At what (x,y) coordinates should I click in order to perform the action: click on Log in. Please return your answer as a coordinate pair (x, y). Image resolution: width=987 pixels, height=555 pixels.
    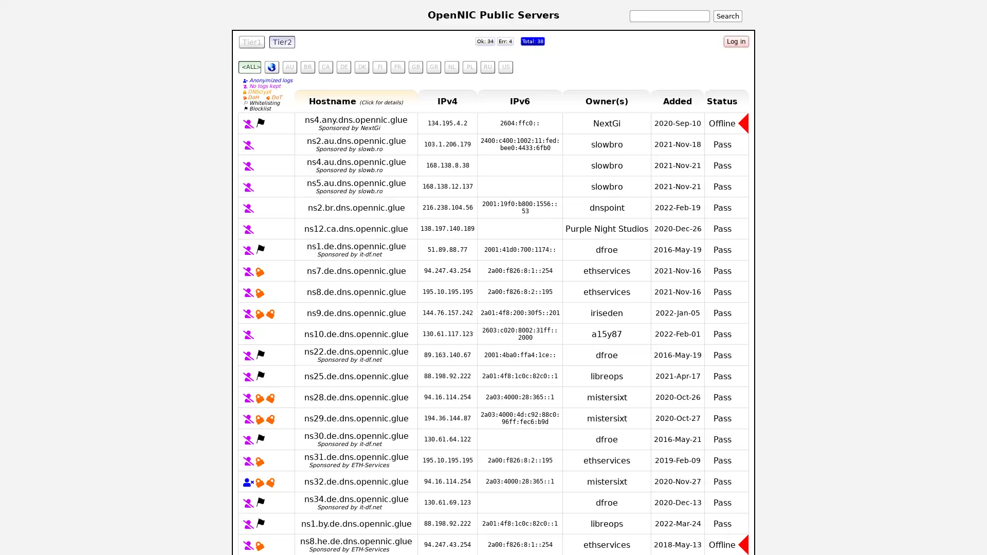
    Looking at the image, I should click on (736, 41).